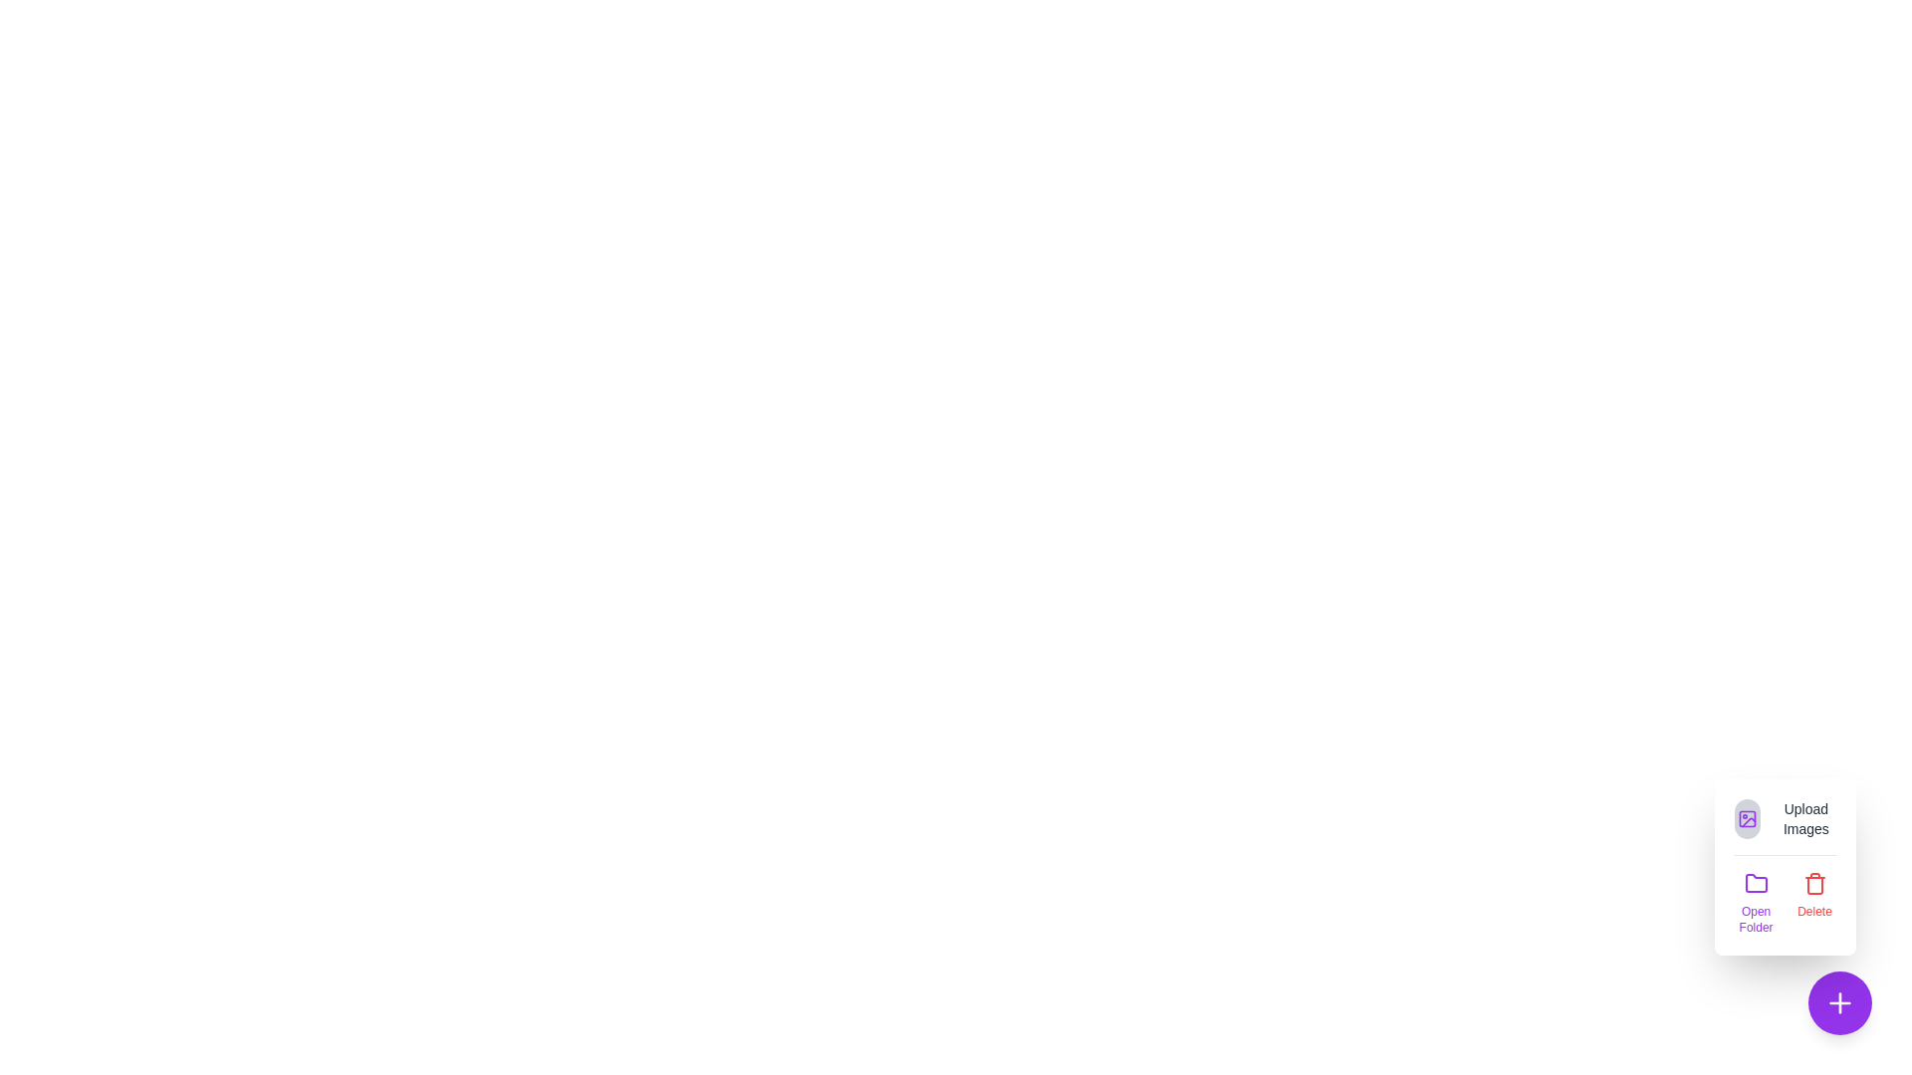 The image size is (1912, 1075). I want to click on the 'Open Folder' text label, which is displayed in purple and is centrally aligned below the folder icon in the bottom-right corner of the interface, so click(1756, 920).